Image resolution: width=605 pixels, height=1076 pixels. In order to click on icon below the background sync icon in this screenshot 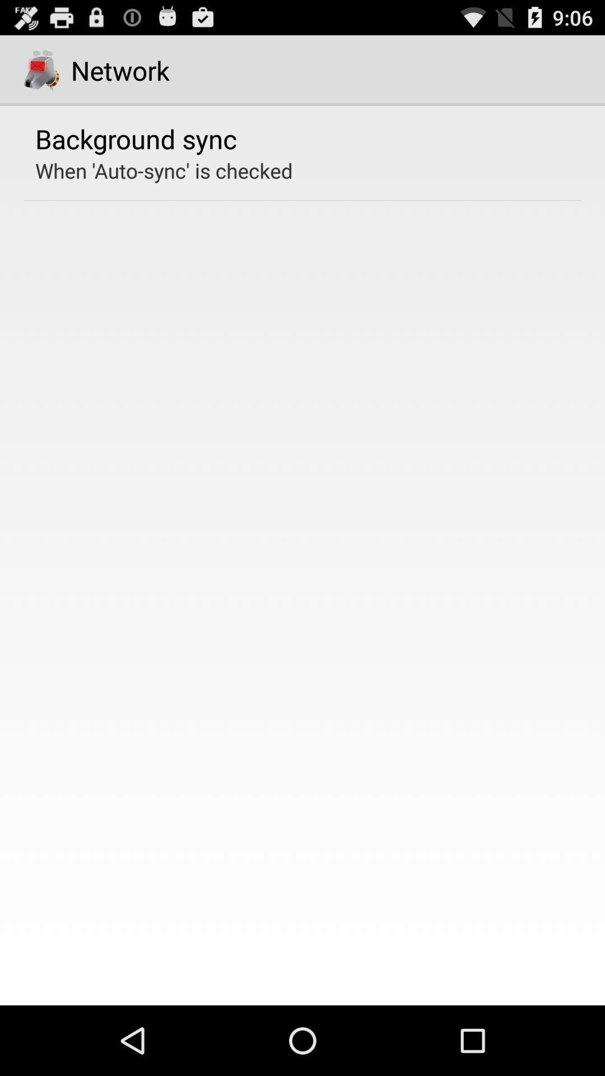, I will do `click(164, 170)`.